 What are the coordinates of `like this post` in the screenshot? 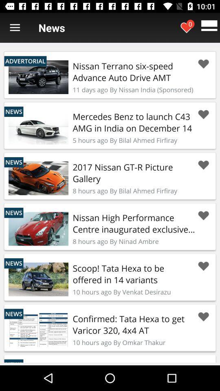 It's located at (203, 266).